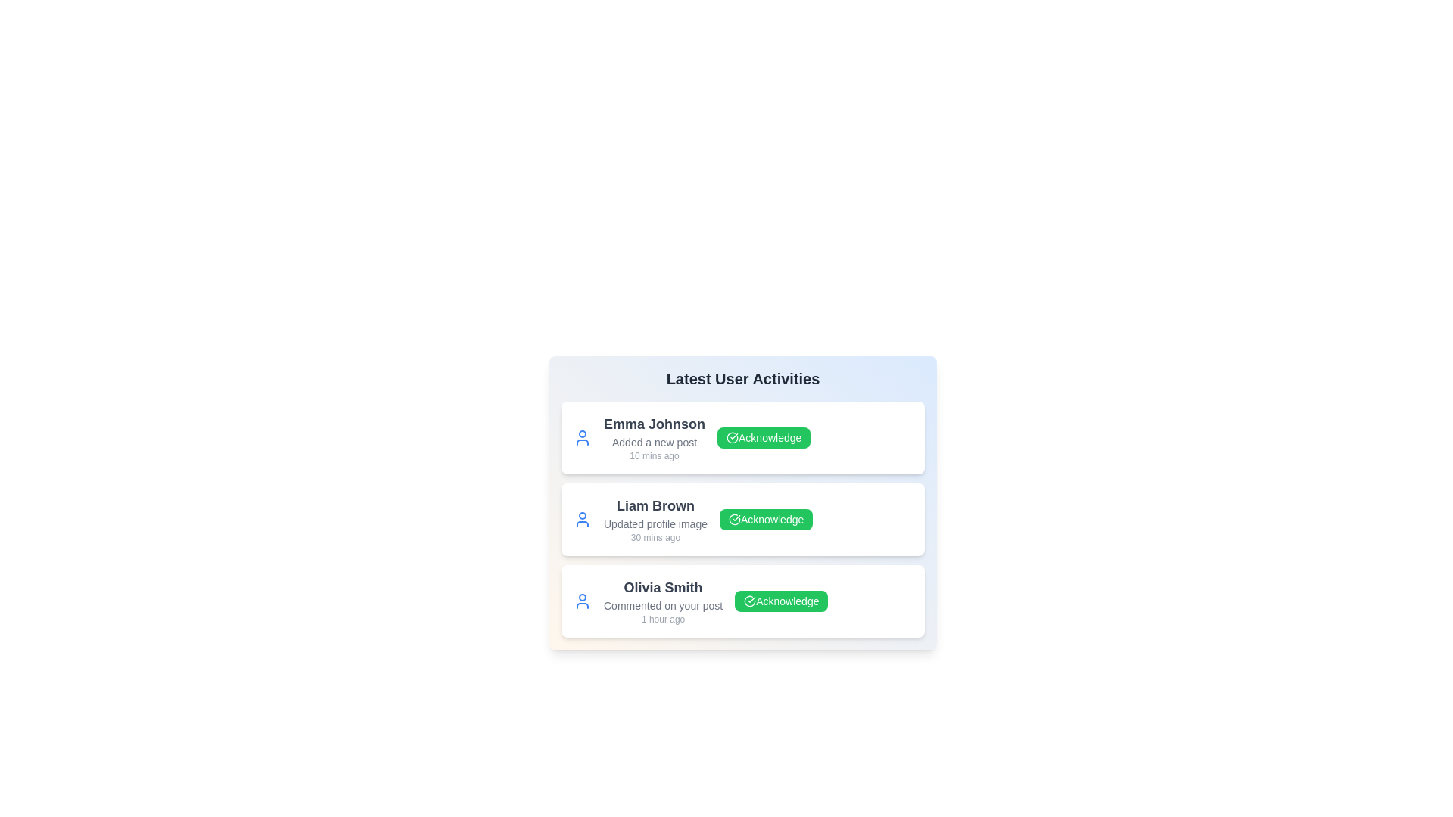  What do you see at coordinates (766, 518) in the screenshot?
I see `the 'Acknowledge' button for the activity of Liam Brown` at bounding box center [766, 518].